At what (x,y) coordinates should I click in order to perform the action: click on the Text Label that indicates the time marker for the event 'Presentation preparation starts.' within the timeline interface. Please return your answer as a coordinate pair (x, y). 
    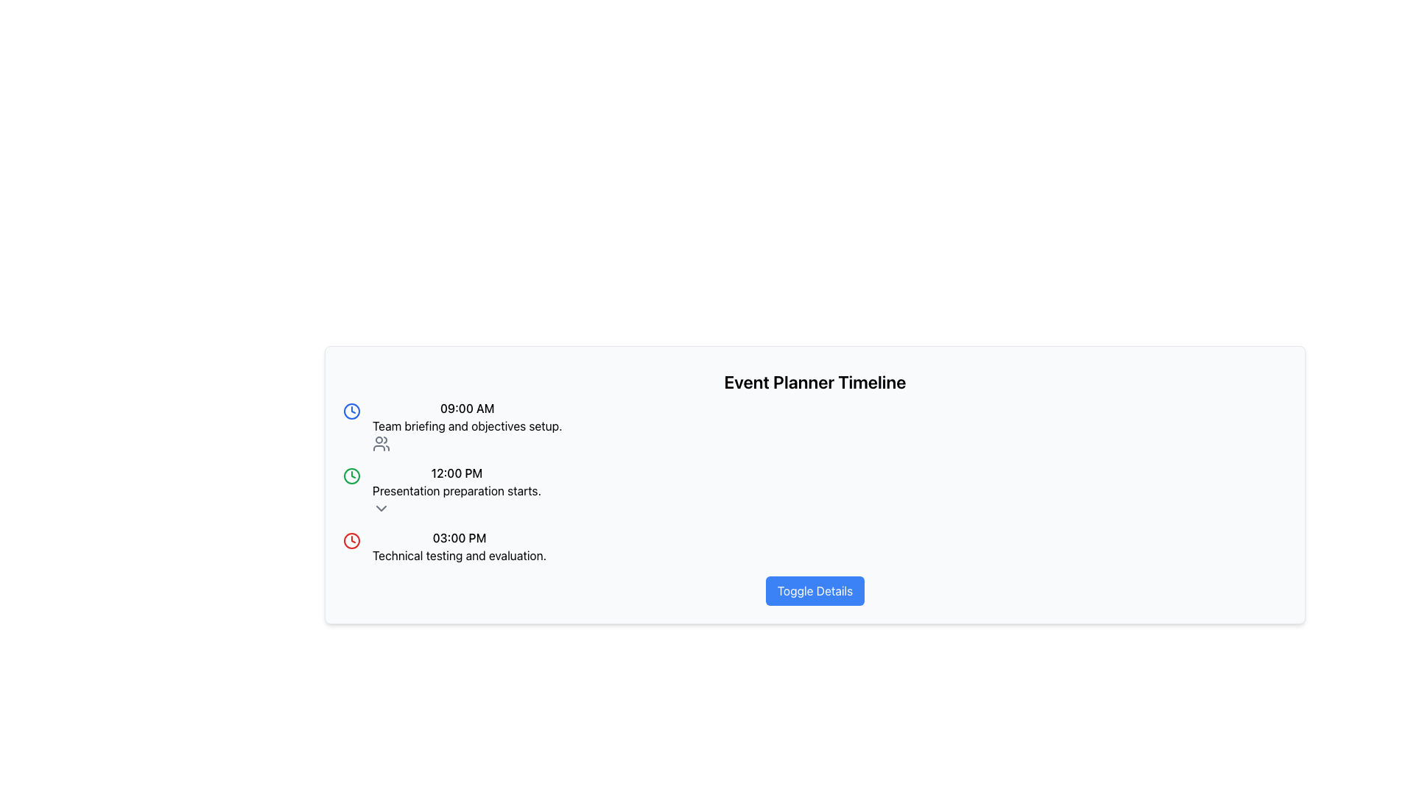
    Looking at the image, I should click on (456, 473).